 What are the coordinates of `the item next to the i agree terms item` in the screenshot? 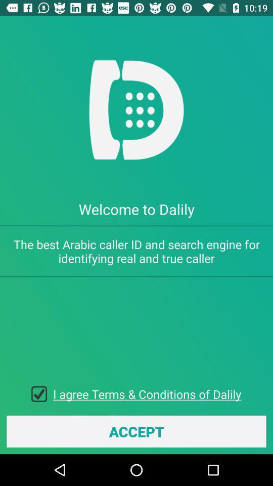 It's located at (41, 393).